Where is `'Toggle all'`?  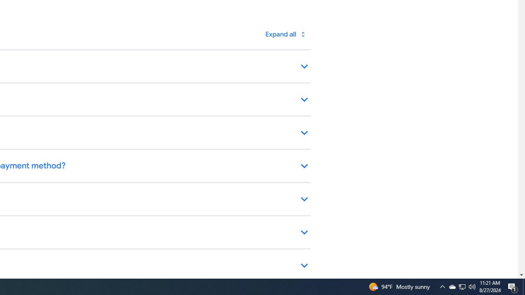
'Toggle all' is located at coordinates (285, 34).